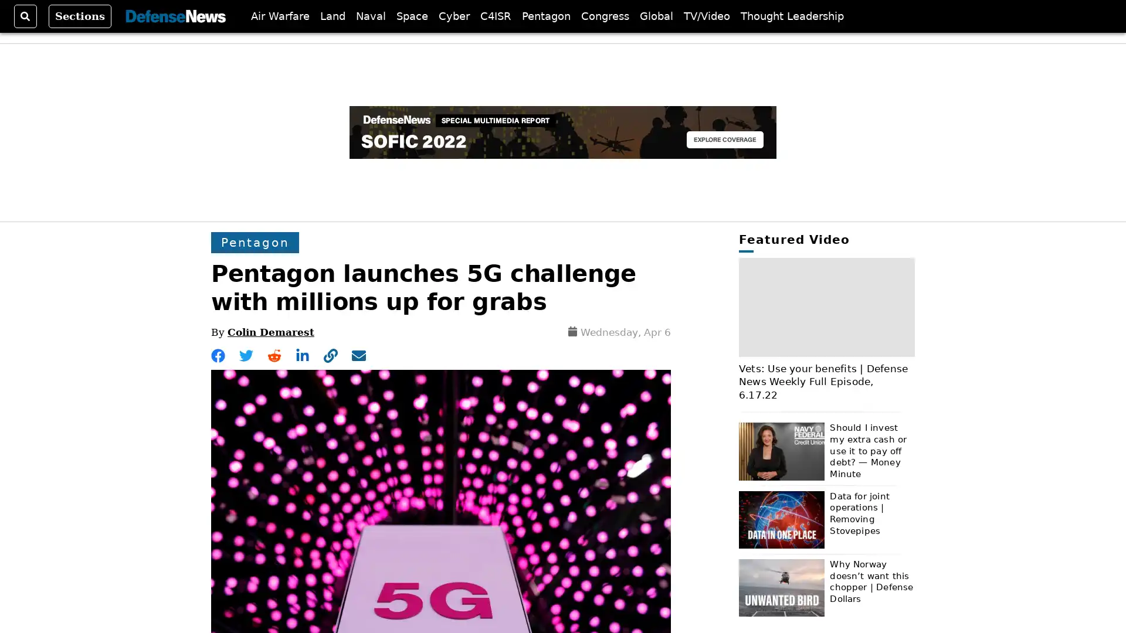 This screenshot has height=633, width=1126. Describe the element at coordinates (79, 16) in the screenshot. I see `Sections` at that location.